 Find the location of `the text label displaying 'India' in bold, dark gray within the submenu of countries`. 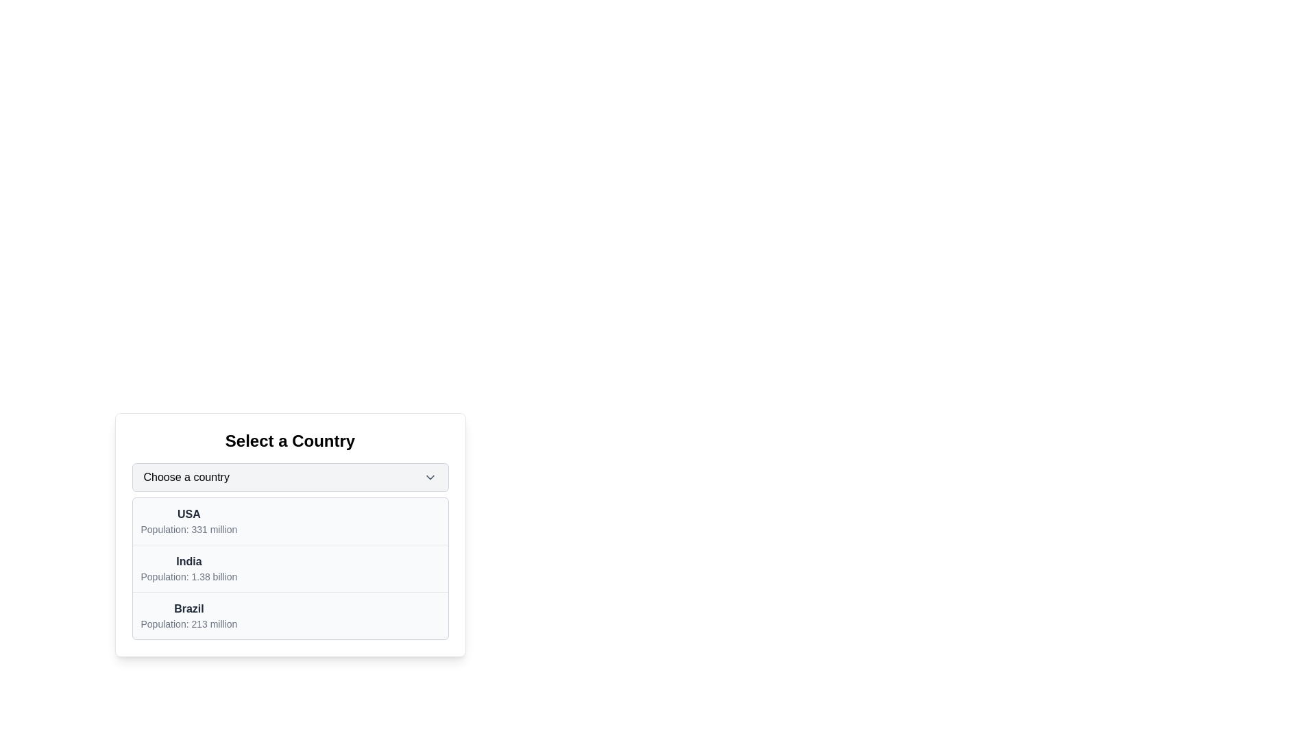

the text label displaying 'India' in bold, dark gray within the submenu of countries is located at coordinates (188, 562).